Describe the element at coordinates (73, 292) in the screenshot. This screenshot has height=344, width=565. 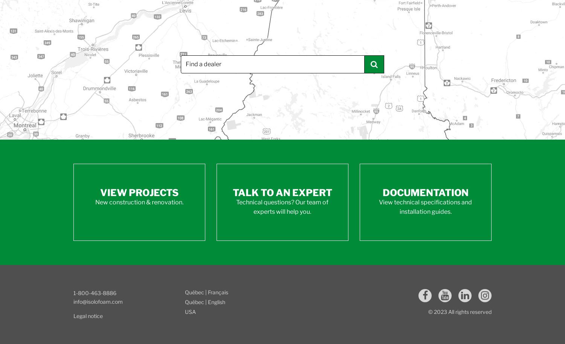
I see `'1-800-463-8886'` at that location.